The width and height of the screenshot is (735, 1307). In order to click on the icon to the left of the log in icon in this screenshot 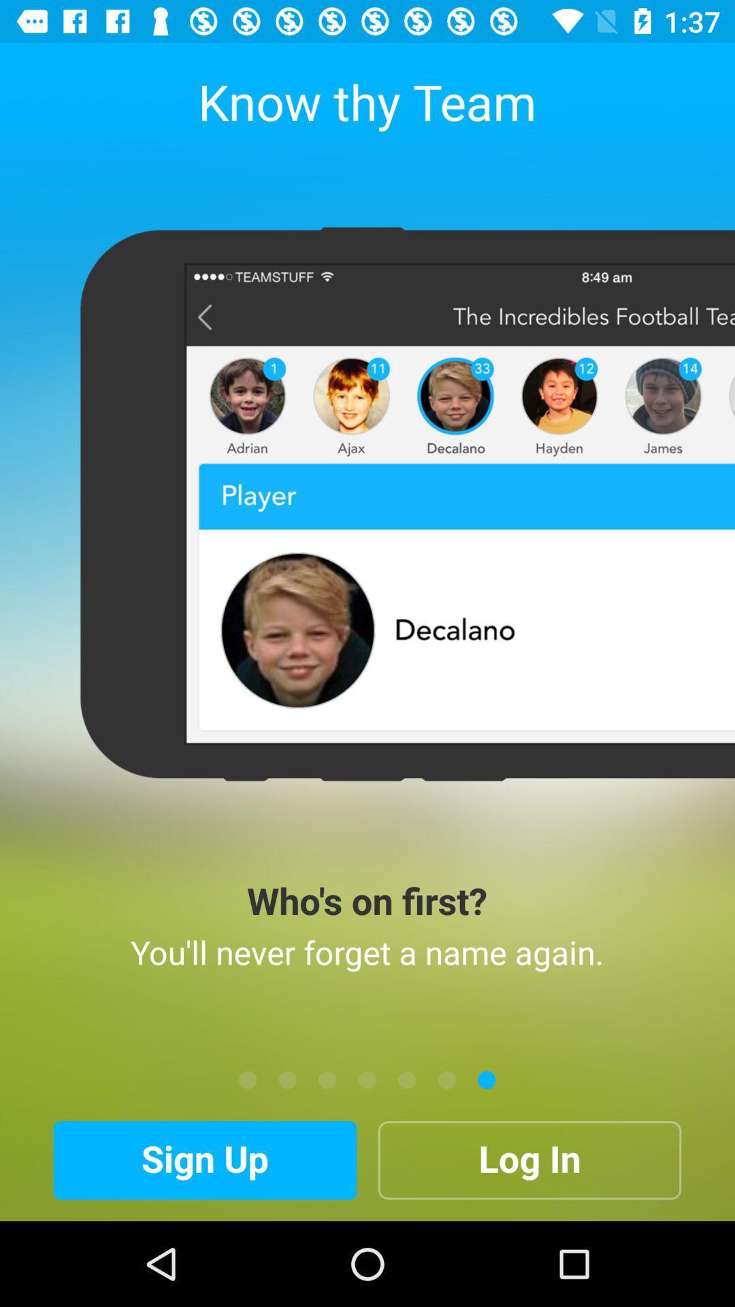, I will do `click(205, 1159)`.